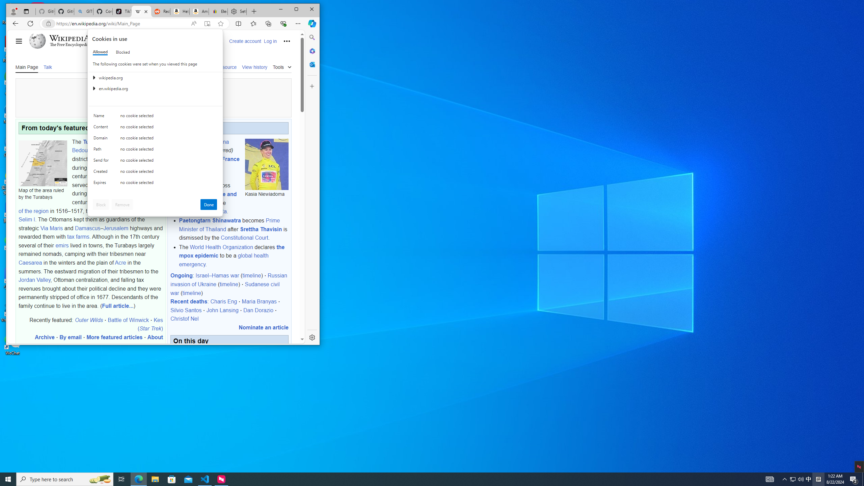 The height and width of the screenshot is (486, 864). What do you see at coordinates (818, 479) in the screenshot?
I see `'Tray Input Indicator - Chinese (Simplified, China)'` at bounding box center [818, 479].